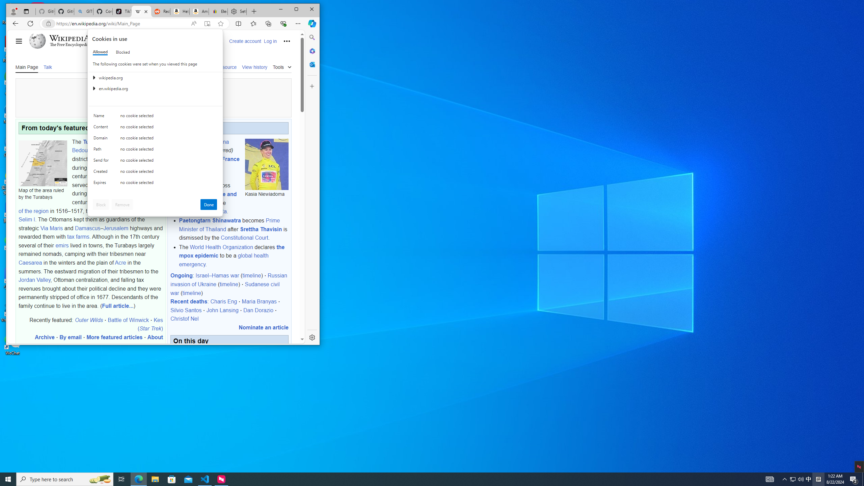 The height and width of the screenshot is (486, 864). What do you see at coordinates (818, 479) in the screenshot?
I see `'Tray Input Indicator - Chinese (Simplified, China)'` at bounding box center [818, 479].